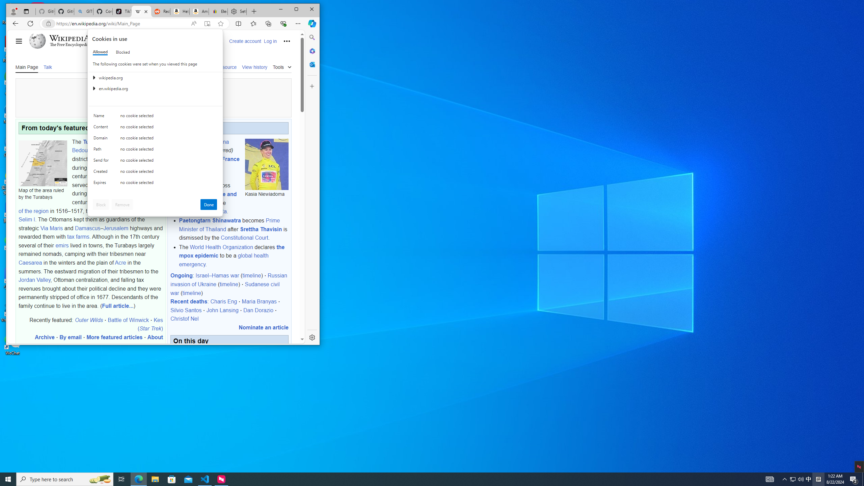 The height and width of the screenshot is (486, 864). What do you see at coordinates (818, 479) in the screenshot?
I see `'Tray Input Indicator - Chinese (Simplified, China)'` at bounding box center [818, 479].